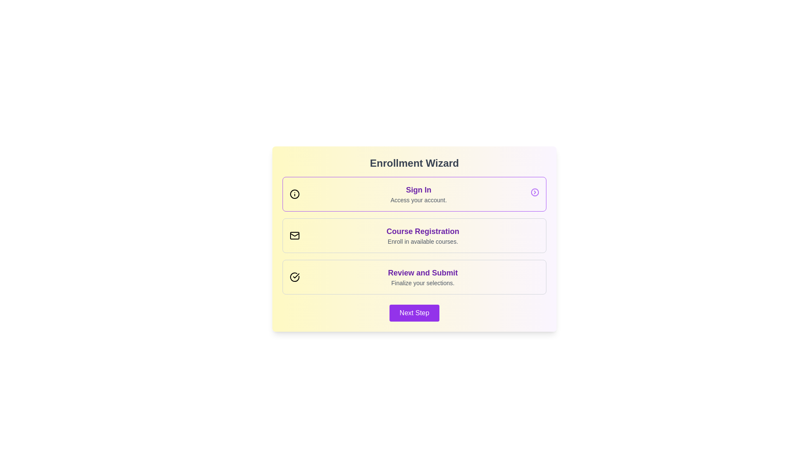 The width and height of the screenshot is (812, 457). Describe the element at coordinates (414, 277) in the screenshot. I see `the third item in the vertically arranged list of options within the 'Enrollment Wizard' section` at that location.